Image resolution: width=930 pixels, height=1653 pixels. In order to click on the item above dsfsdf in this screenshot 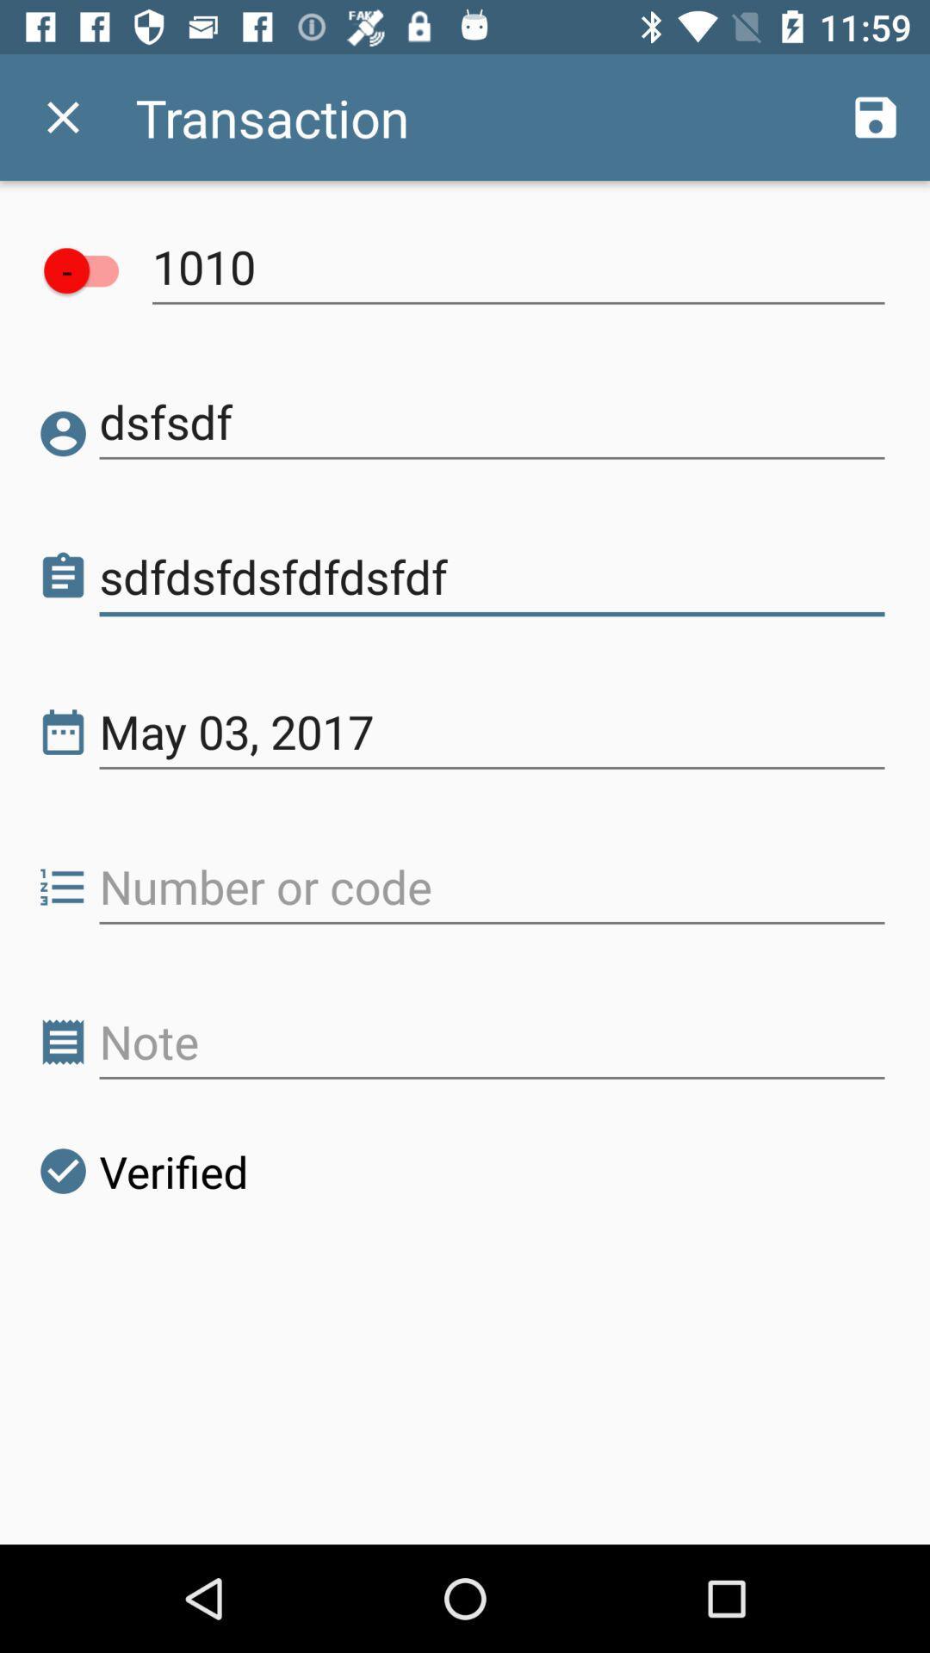, I will do `click(518, 266)`.